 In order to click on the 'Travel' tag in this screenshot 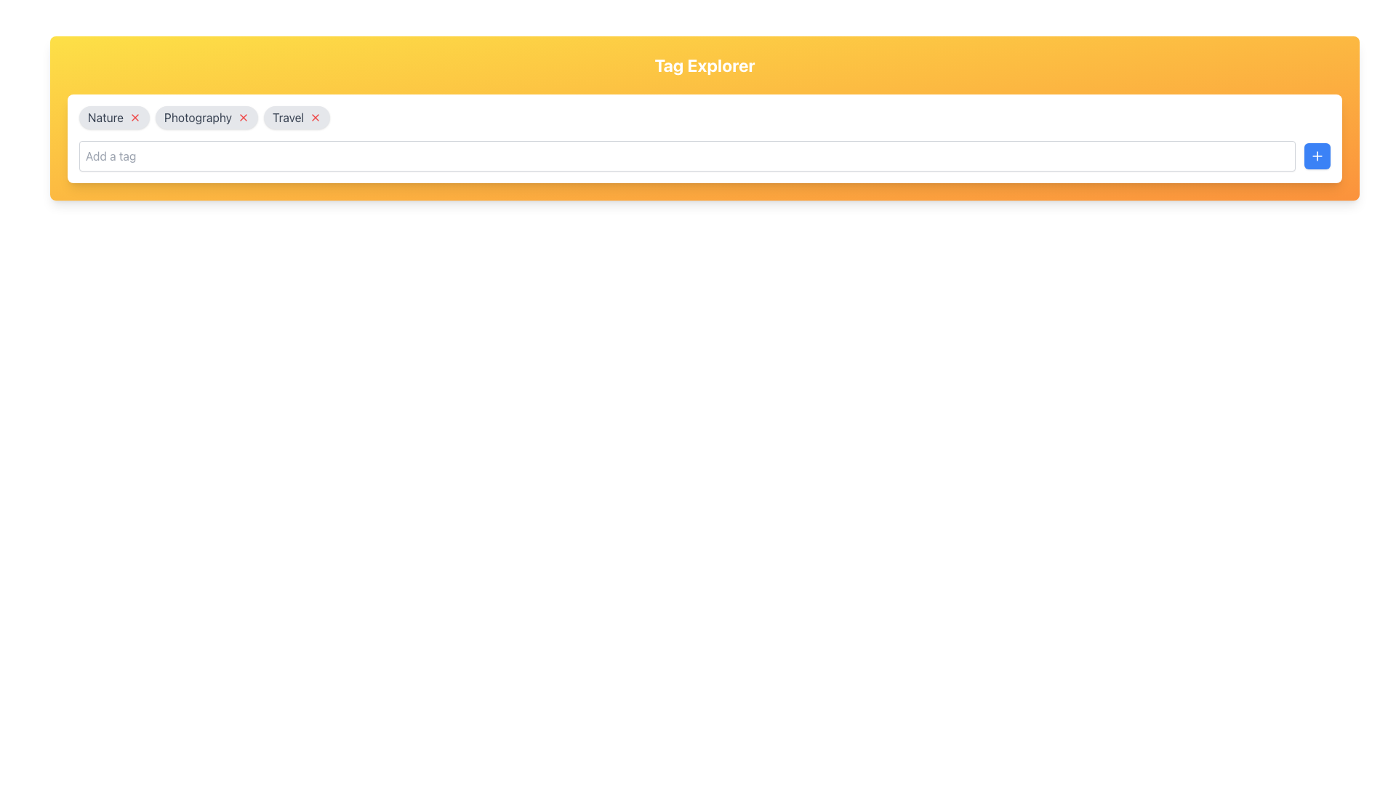, I will do `click(296, 117)`.